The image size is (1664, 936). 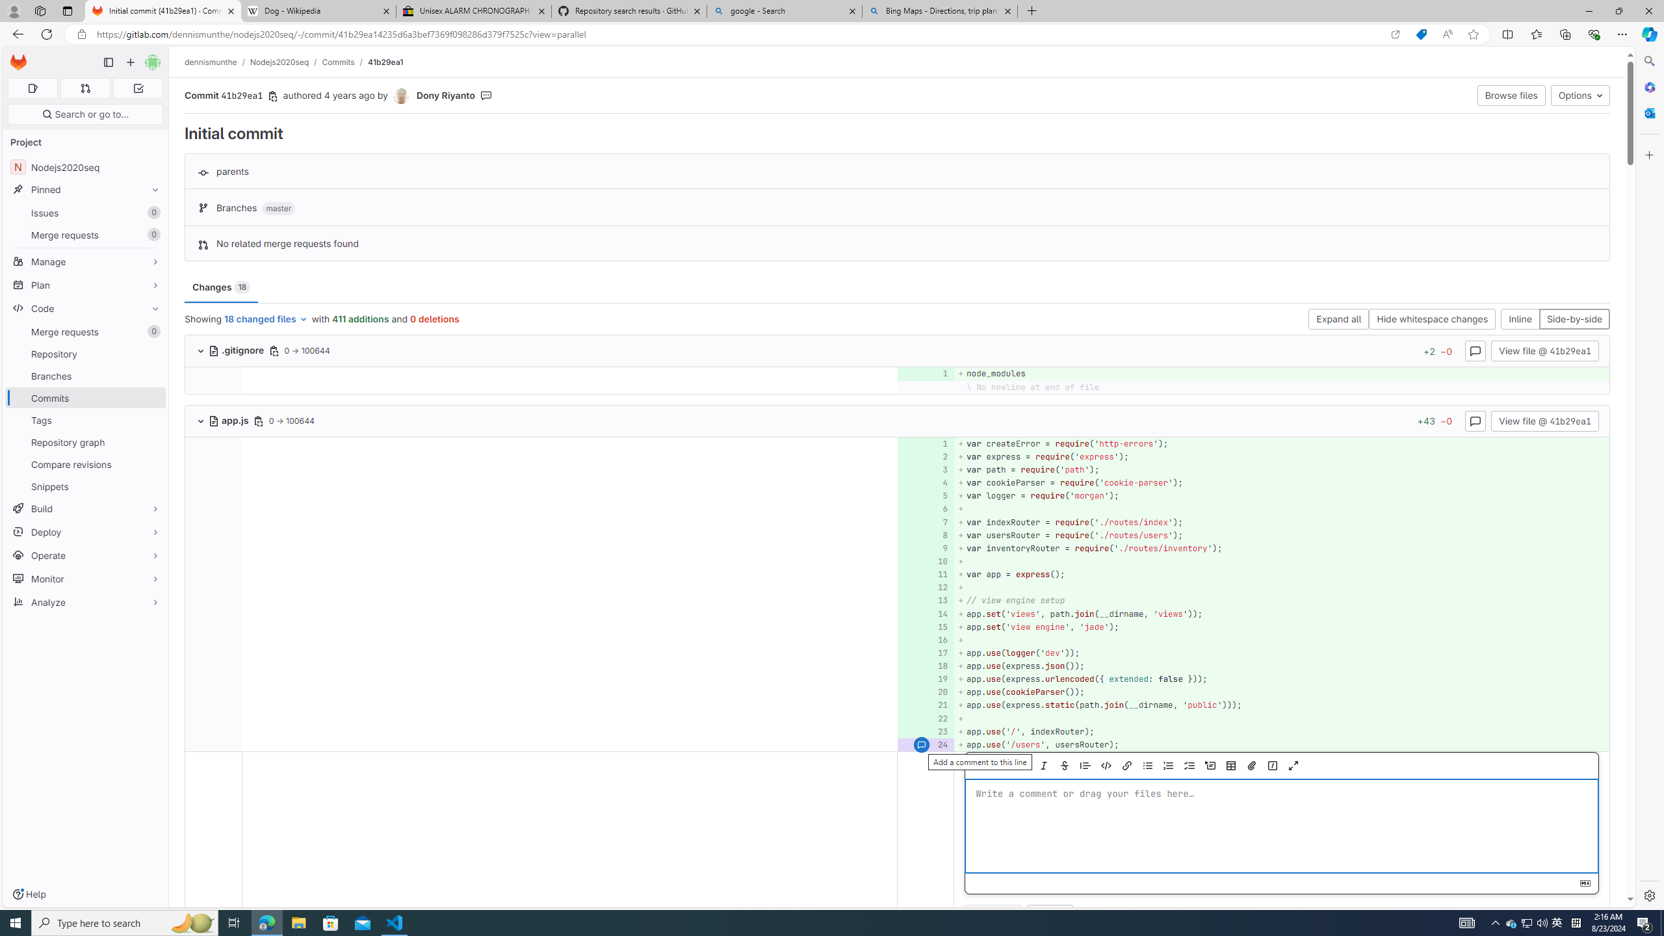 I want to click on 'Add a comment to this line 12', so click(x=925, y=587).